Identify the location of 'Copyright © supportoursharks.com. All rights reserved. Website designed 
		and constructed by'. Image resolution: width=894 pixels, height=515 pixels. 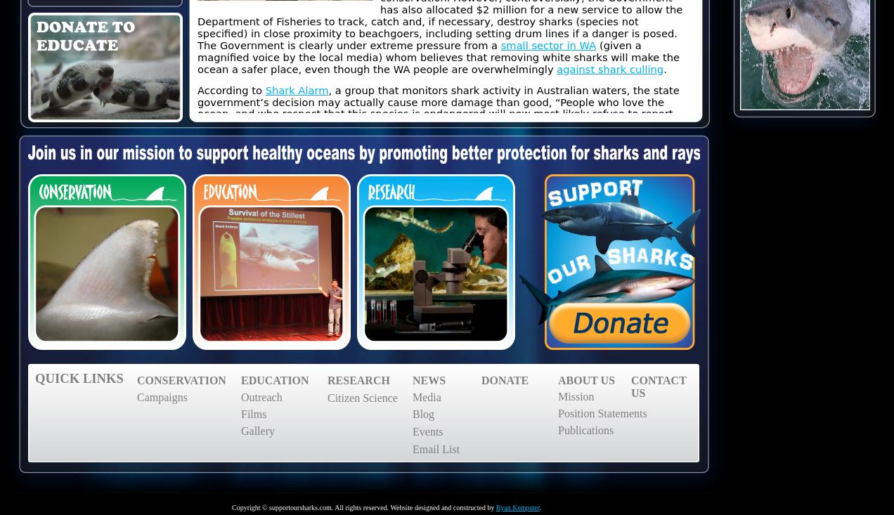
(230, 507).